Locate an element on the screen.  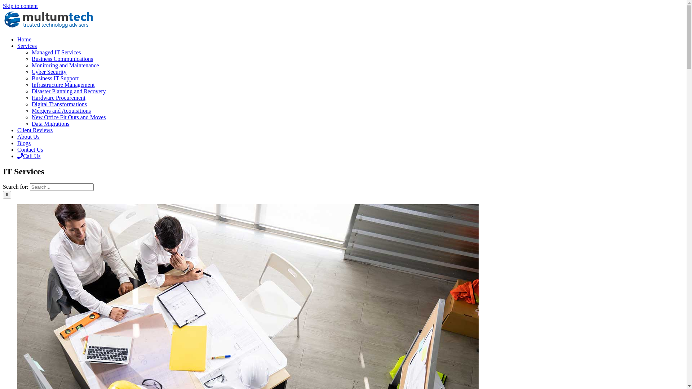
'Contact Us' is located at coordinates (30, 149).